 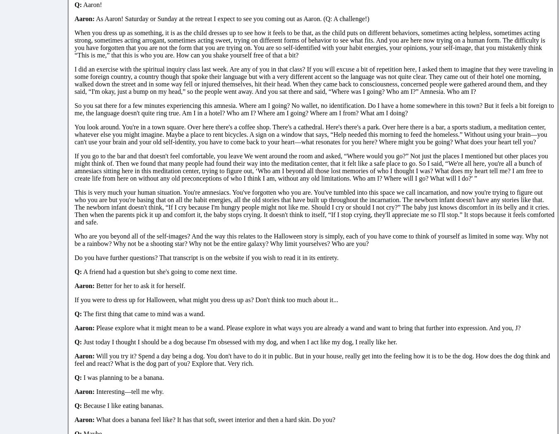 I want to click on 'This is very much your human situation. You're amnesiacs. You've forgotten who you are. You've tumbled into this space we call incarnation, and now you're trying to figure out who you are but you're basing that on all the habit energies, all the old stories that have built up throughout the incarnation. The newborn infant doesn't have any stories like that. The newborn infant doesn't think, “If I cry because I'm hungry people might not like me. Should I cry or should I not cry?” The baby just knows discomfort in its belly and it cries. Then when the parents pick it up and comfort it, the baby stops crying. It doesn't think to itself, “If I stop crying, they'll appreciate me so I'll stop.” It stops because it feels comforted and safe.', so click(x=74, y=206).